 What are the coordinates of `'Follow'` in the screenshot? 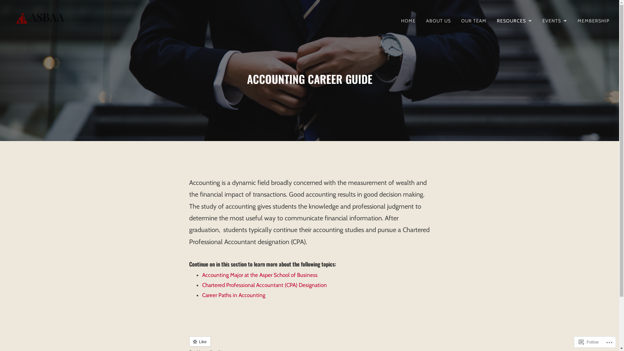 It's located at (589, 342).